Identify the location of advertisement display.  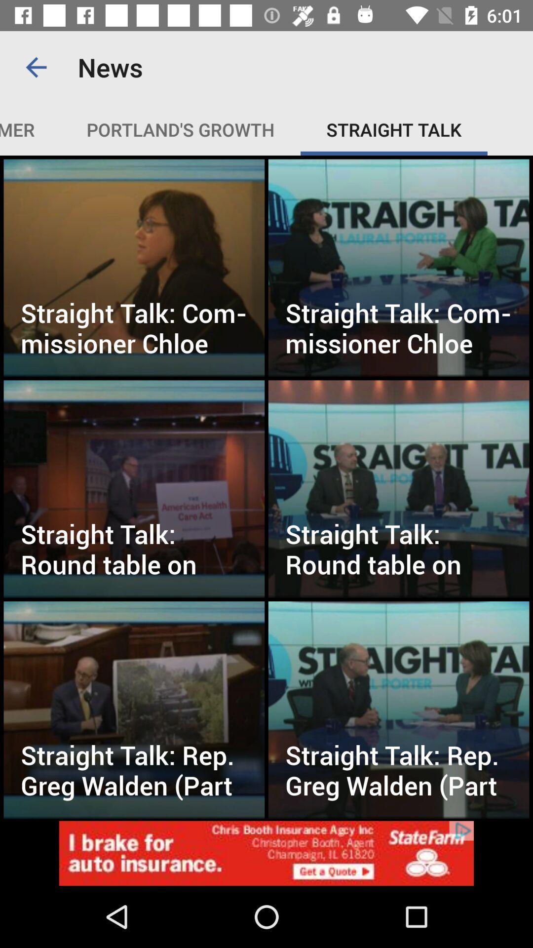
(266, 853).